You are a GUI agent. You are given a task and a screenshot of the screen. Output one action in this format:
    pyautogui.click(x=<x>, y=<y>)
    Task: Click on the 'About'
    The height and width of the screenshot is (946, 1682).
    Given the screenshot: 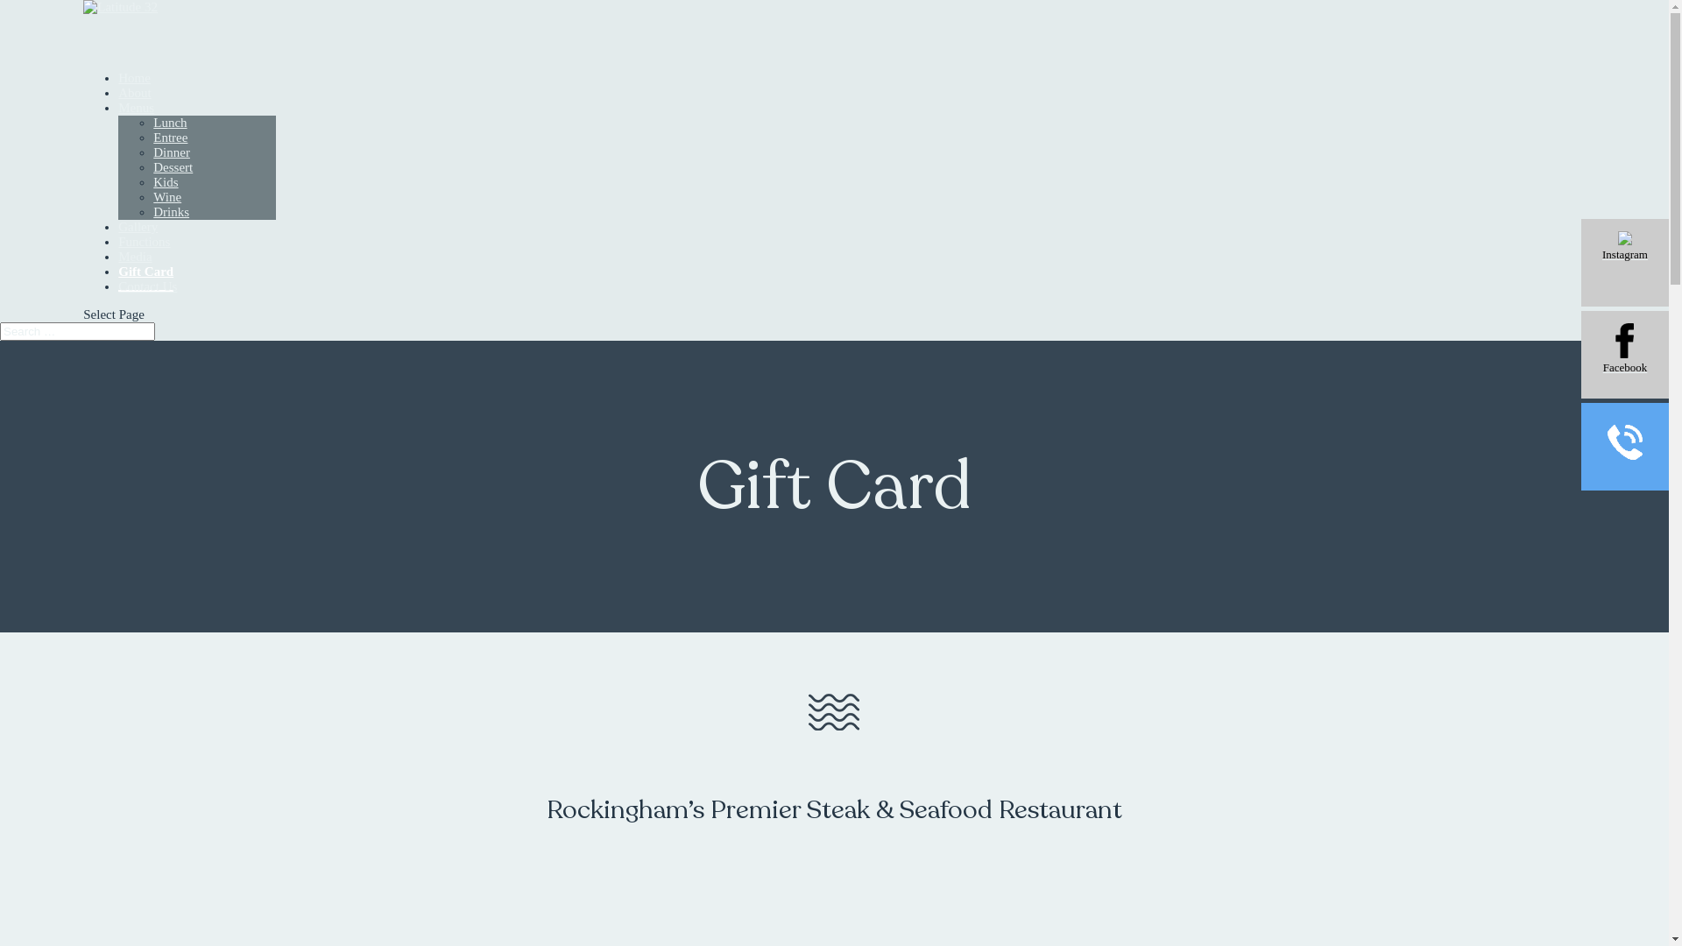 What is the action you would take?
    pyautogui.click(x=133, y=114)
    